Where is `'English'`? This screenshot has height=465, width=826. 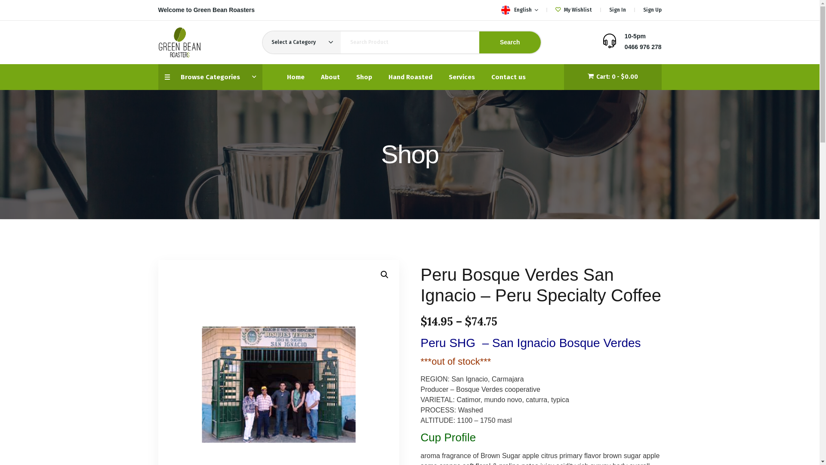
'English' is located at coordinates (505, 10).